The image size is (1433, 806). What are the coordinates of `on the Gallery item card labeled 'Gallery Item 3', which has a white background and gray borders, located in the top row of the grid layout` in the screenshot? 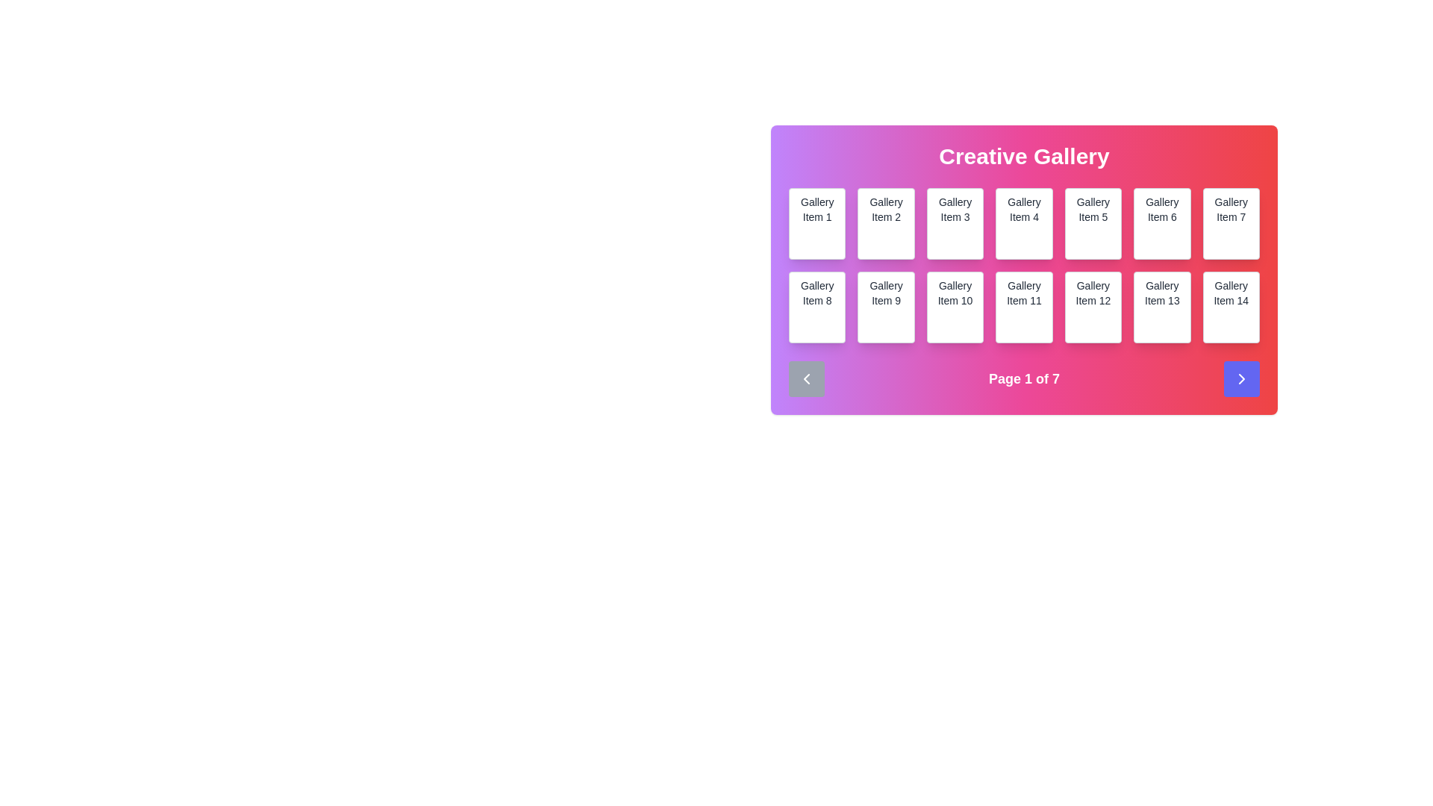 It's located at (955, 224).